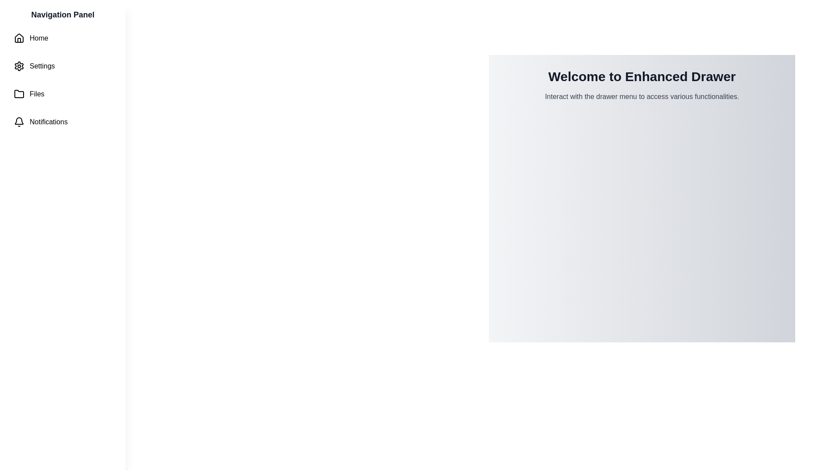 The height and width of the screenshot is (471, 838). I want to click on the prominent static text label at the top of the vertical navigation drawer, which features bold, large dark gray text in a modern sans-serif font, so click(62, 15).